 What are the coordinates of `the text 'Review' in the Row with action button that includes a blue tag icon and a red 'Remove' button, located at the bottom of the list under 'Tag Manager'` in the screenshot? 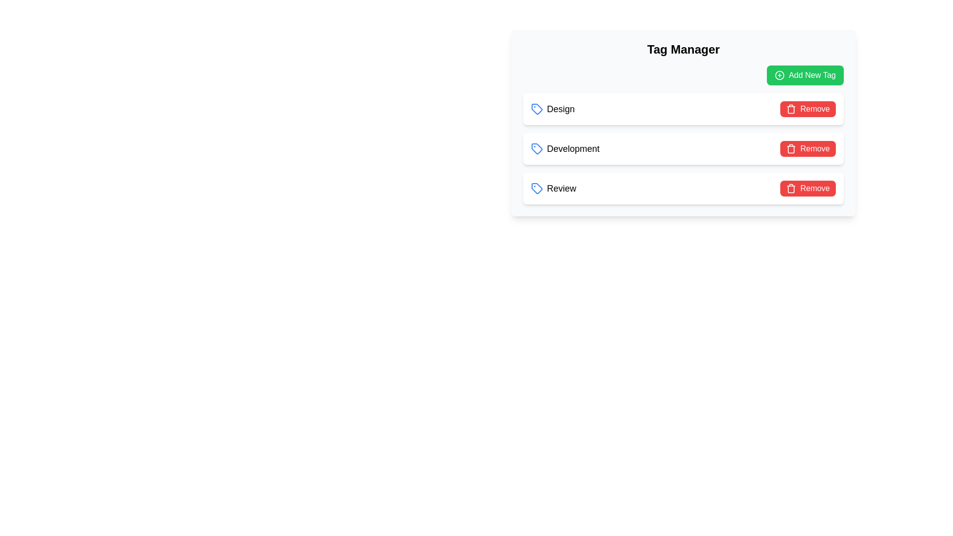 It's located at (683, 189).